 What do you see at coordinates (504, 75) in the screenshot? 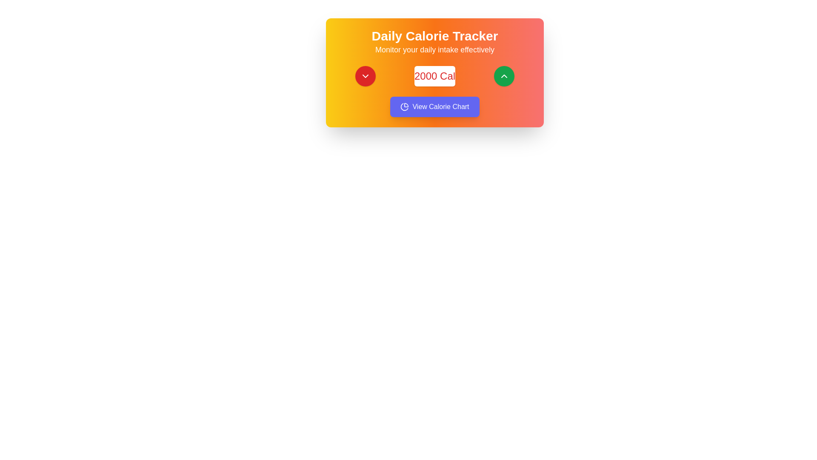
I see `the upward-pointing chevron icon within the green circular button on the right side of the 'Daily Calorie Tracker' card` at bounding box center [504, 75].